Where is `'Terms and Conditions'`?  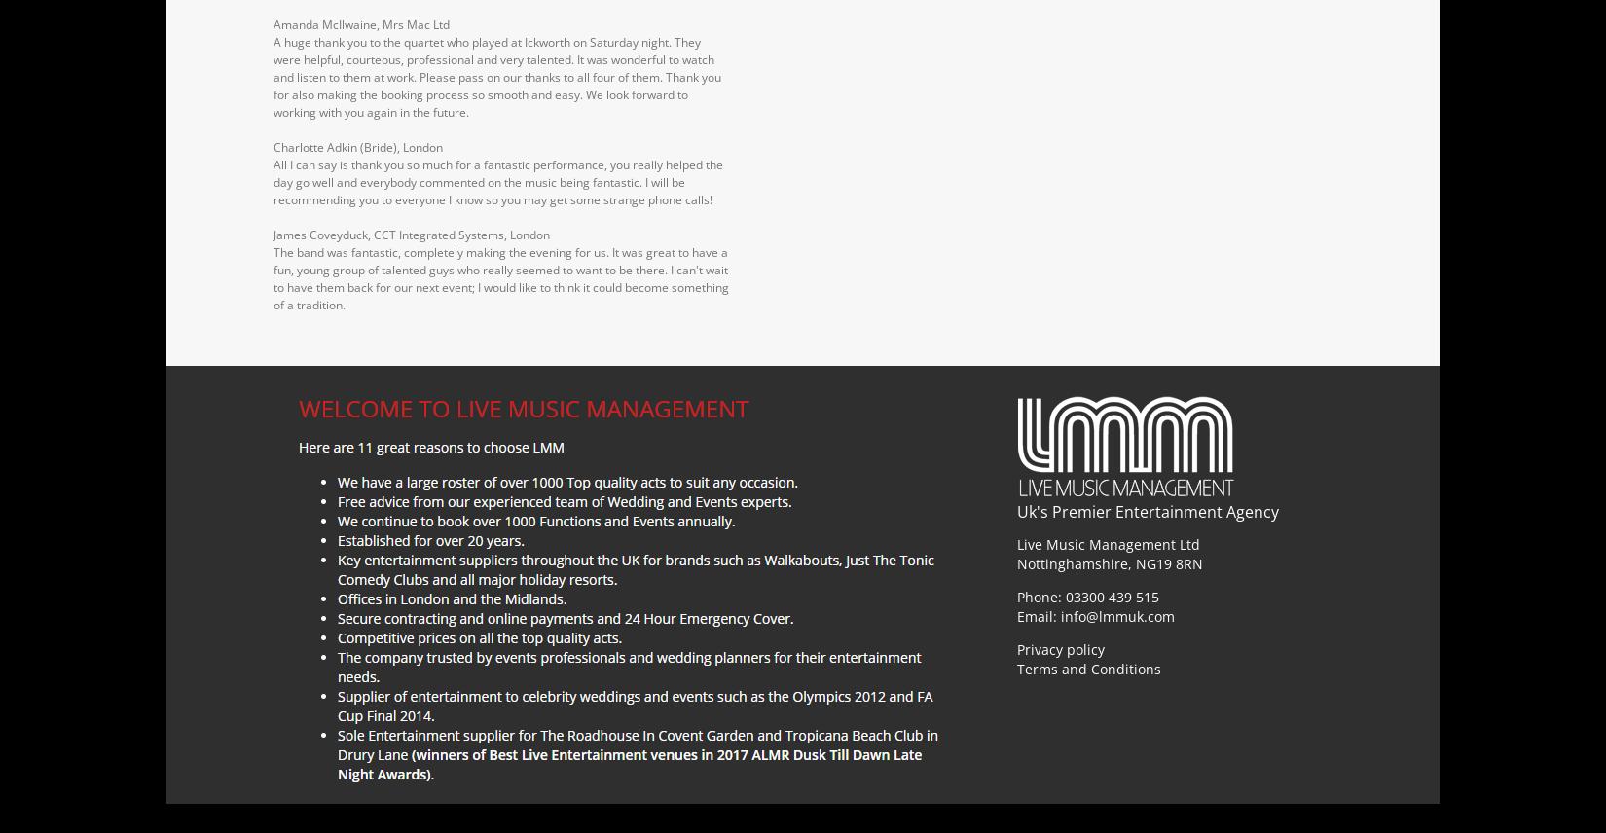 'Terms and Conditions' is located at coordinates (1089, 667).